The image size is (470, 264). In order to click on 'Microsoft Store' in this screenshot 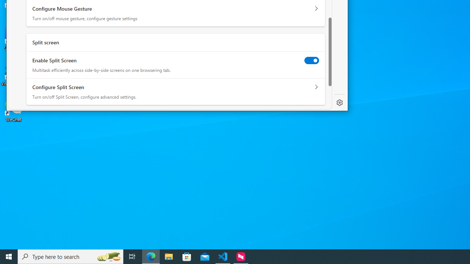, I will do `click(187, 256)`.